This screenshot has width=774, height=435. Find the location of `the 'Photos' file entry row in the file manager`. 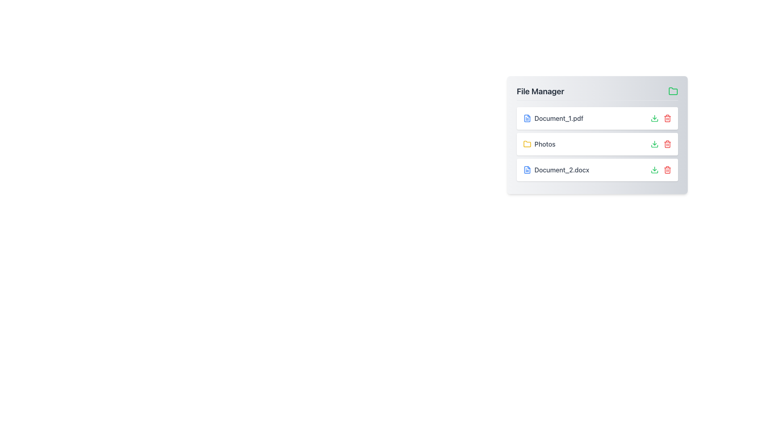

the 'Photos' file entry row in the file manager is located at coordinates (597, 144).